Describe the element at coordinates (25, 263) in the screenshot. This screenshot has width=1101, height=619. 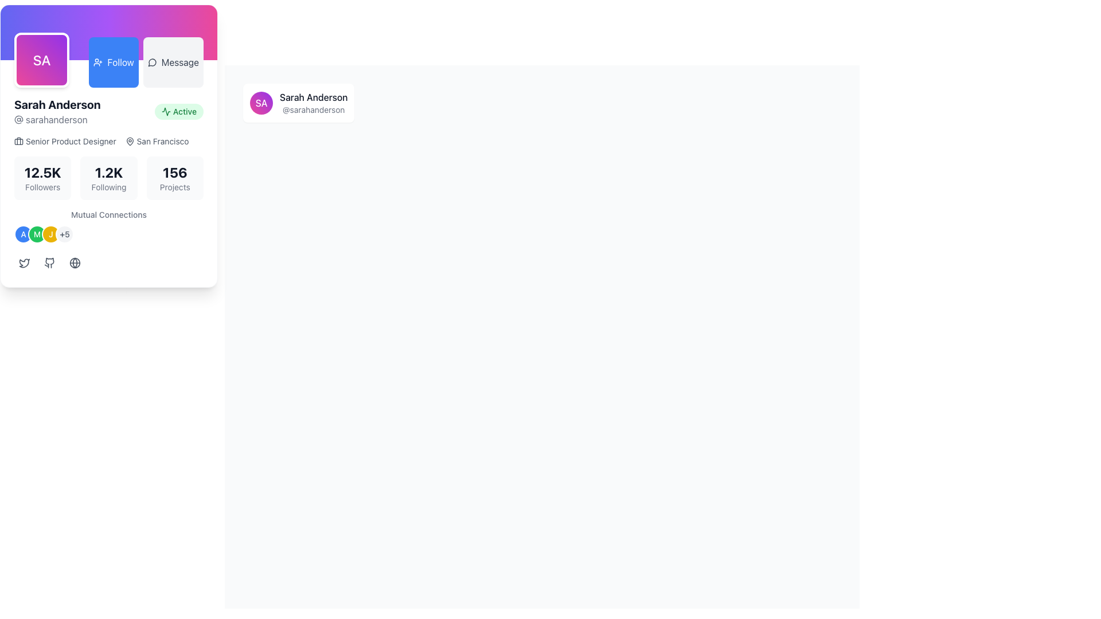
I see `the leftmost social media icon representing the user's Twitter profile located at the bottom of the user information card` at that location.